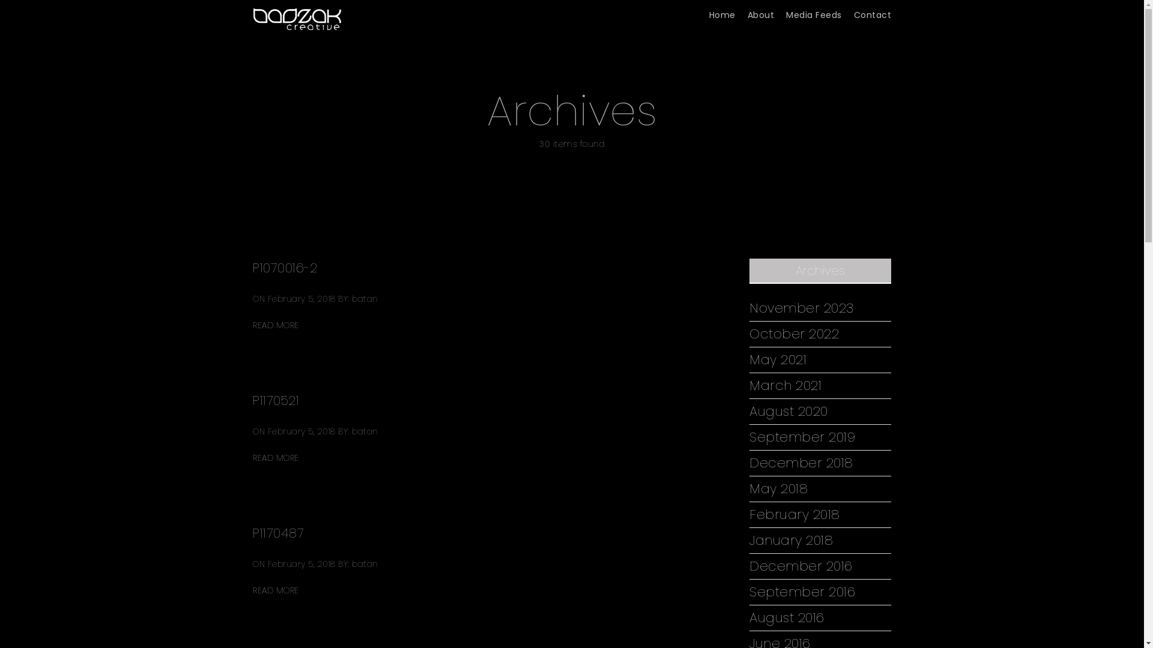 This screenshot has height=648, width=1153. I want to click on 'August 2020', so click(749, 411).